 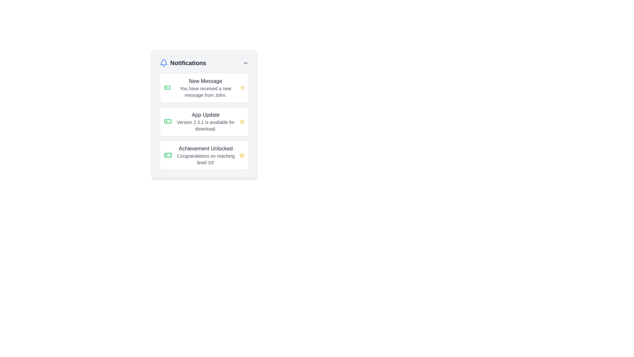 I want to click on the star-shaped icon with a yellow fill and black outline located at the bottom-most notification card indicating 'Achievement Unlocked', so click(x=241, y=155).